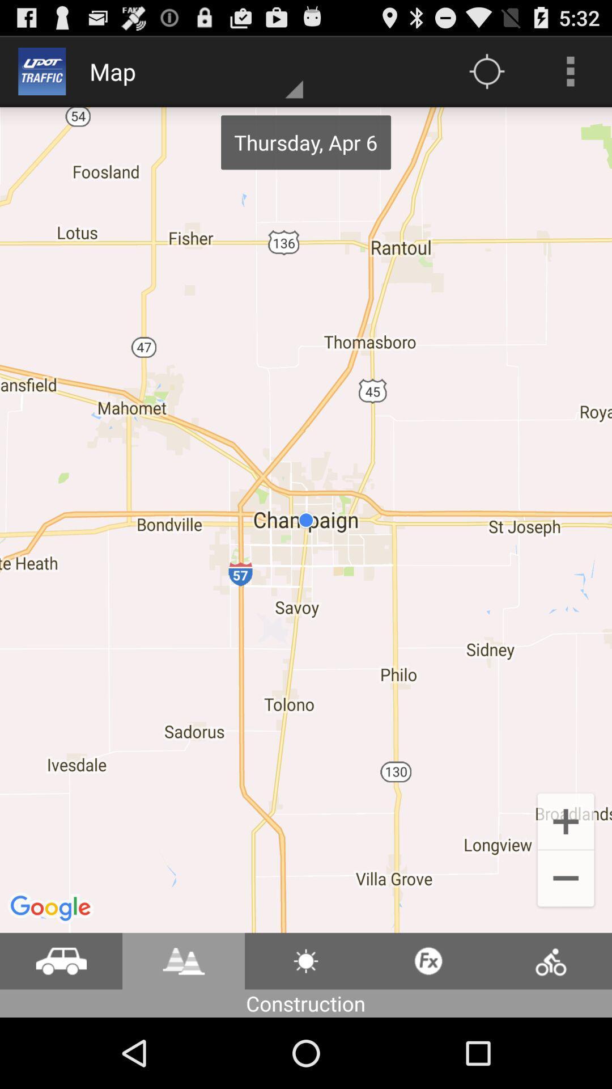 This screenshot has height=1089, width=612. I want to click on cycling, so click(550, 960).